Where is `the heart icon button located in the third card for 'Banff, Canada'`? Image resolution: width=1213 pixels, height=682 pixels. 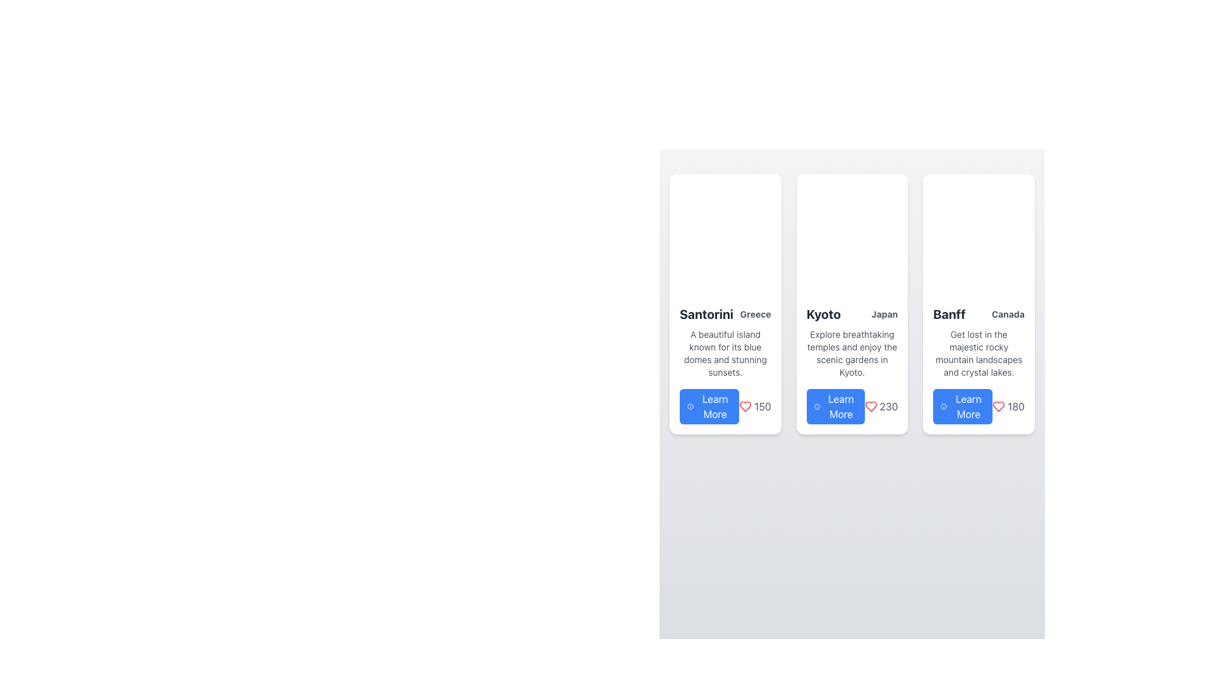 the heart icon button located in the third card for 'Banff, Canada' is located at coordinates (998, 407).